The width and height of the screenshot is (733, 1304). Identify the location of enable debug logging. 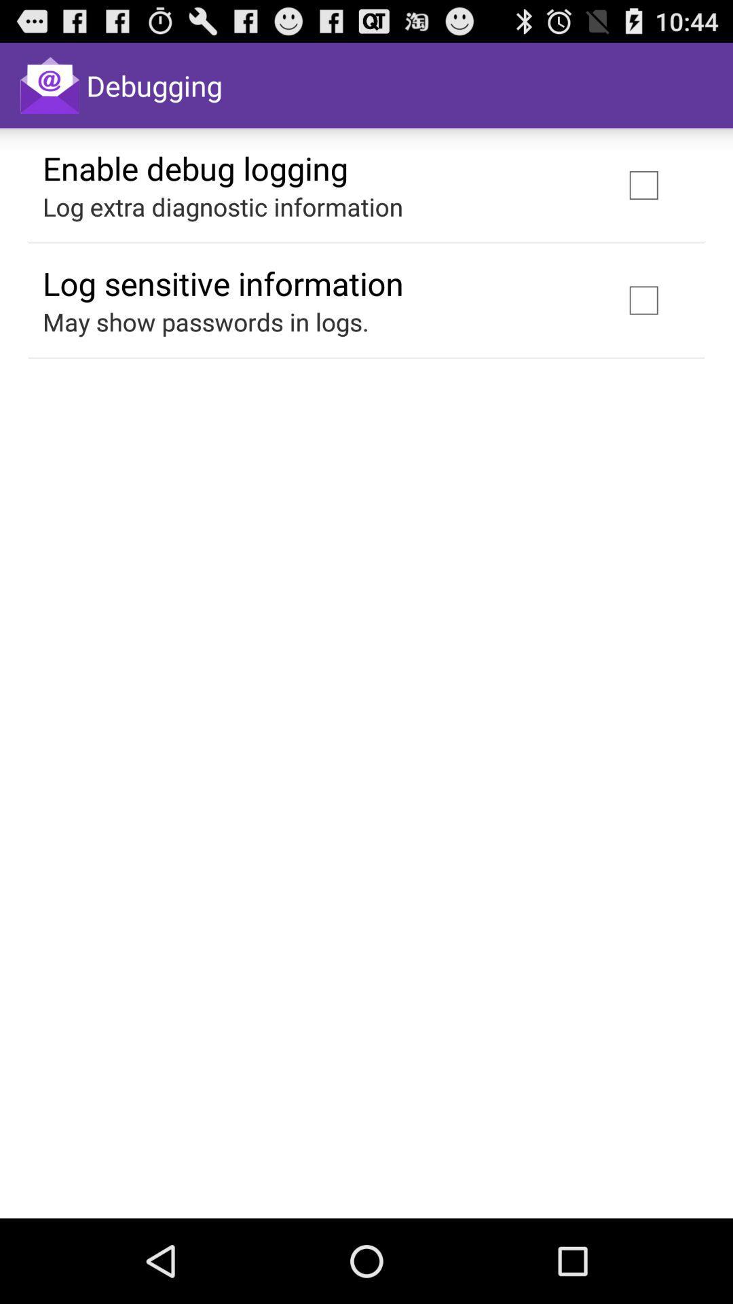
(195, 167).